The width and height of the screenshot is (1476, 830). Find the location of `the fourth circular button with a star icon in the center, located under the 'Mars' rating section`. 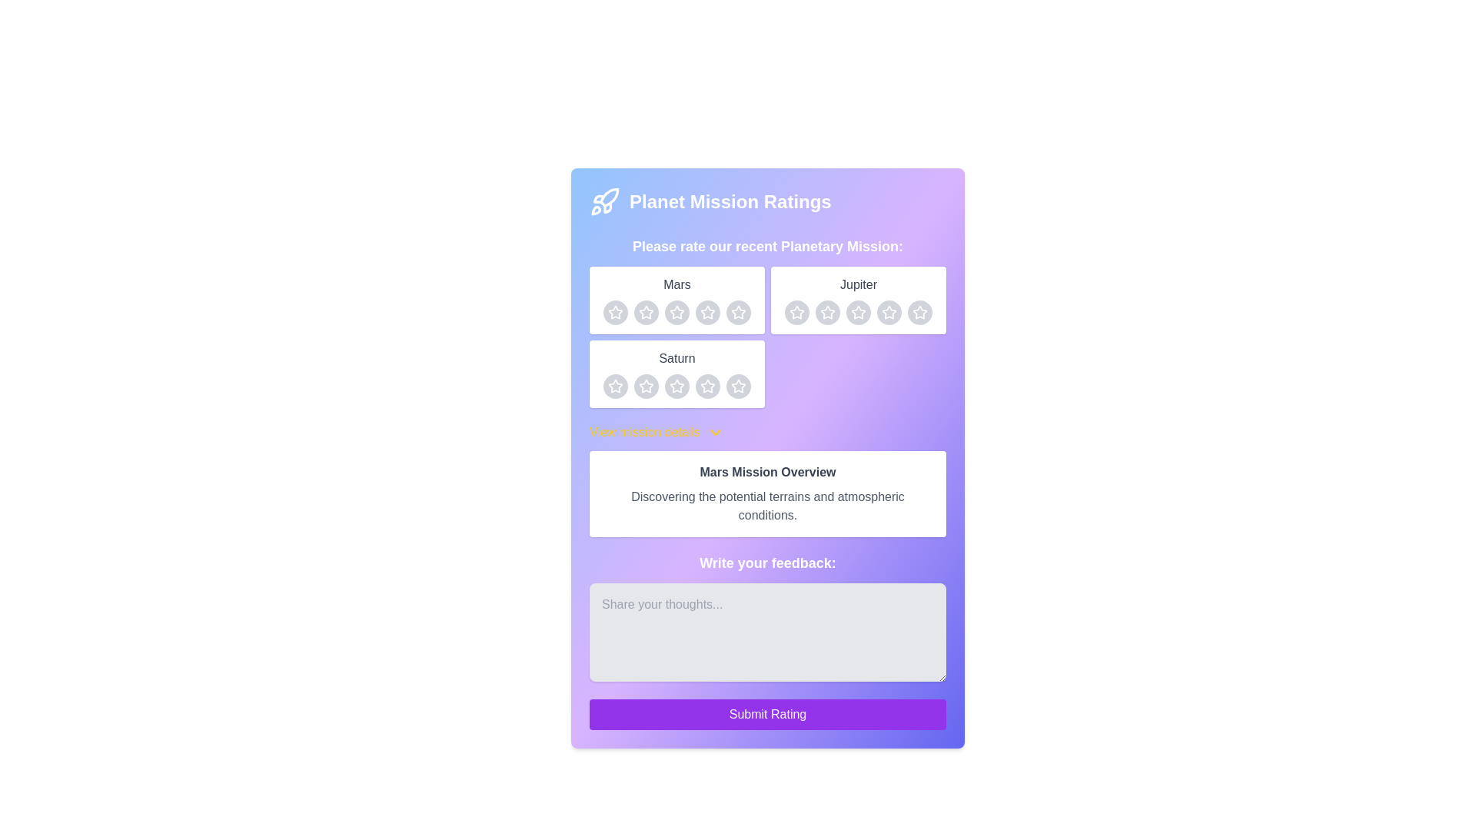

the fourth circular button with a star icon in the center, located under the 'Mars' rating section is located at coordinates (738, 312).